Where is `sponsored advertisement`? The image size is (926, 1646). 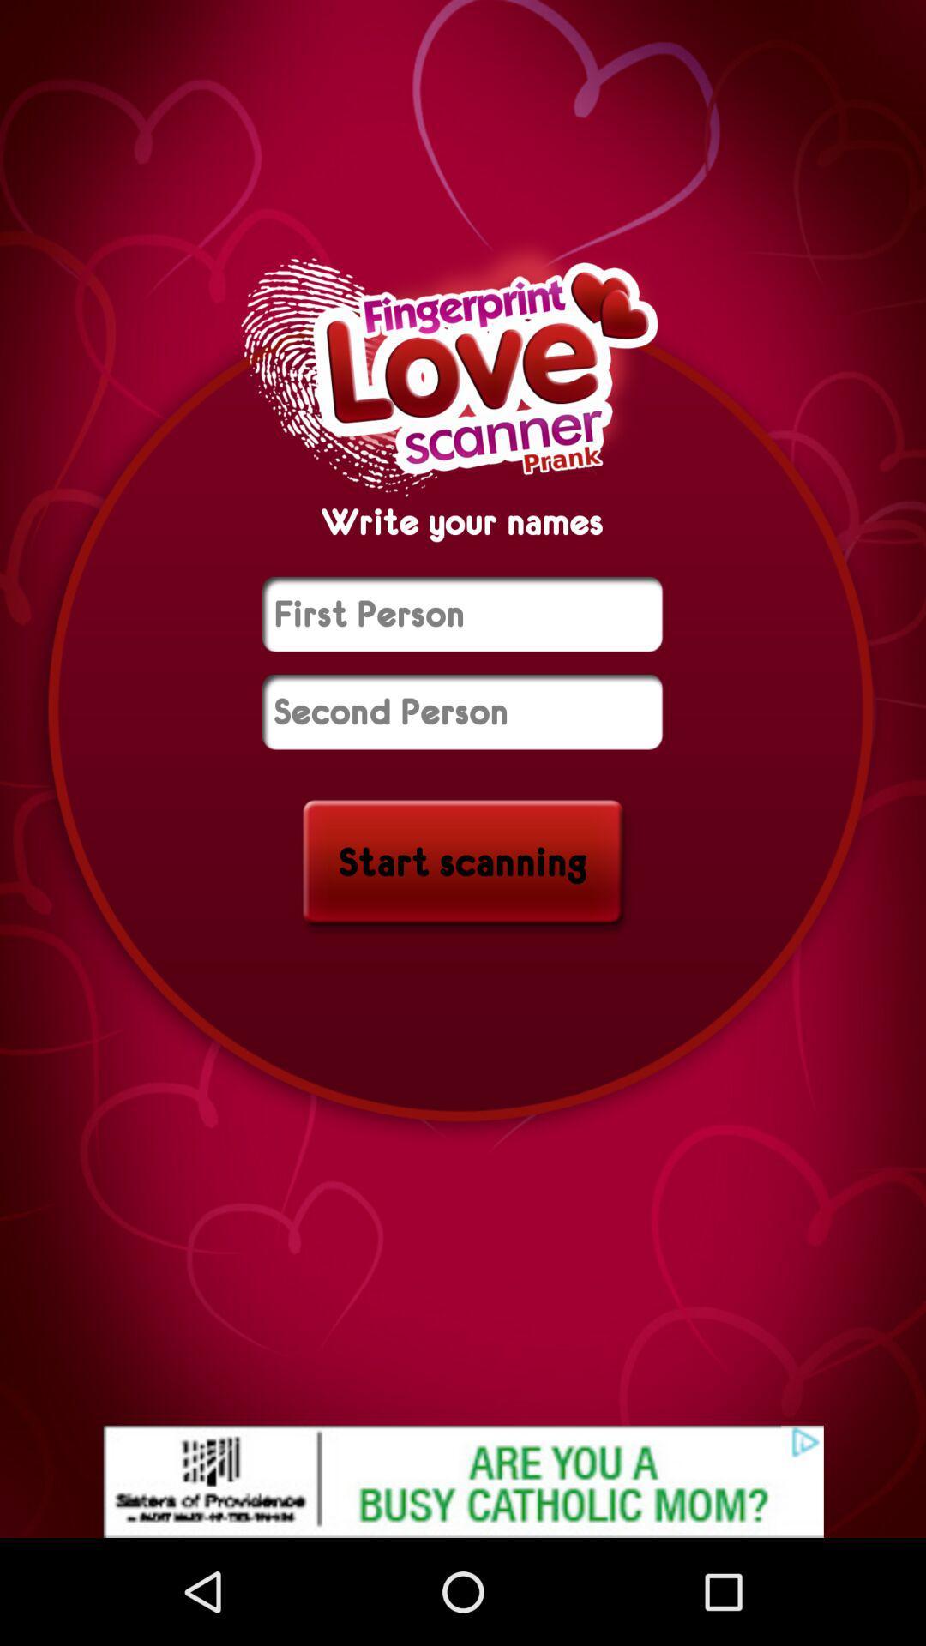
sponsored advertisement is located at coordinates (463, 1481).